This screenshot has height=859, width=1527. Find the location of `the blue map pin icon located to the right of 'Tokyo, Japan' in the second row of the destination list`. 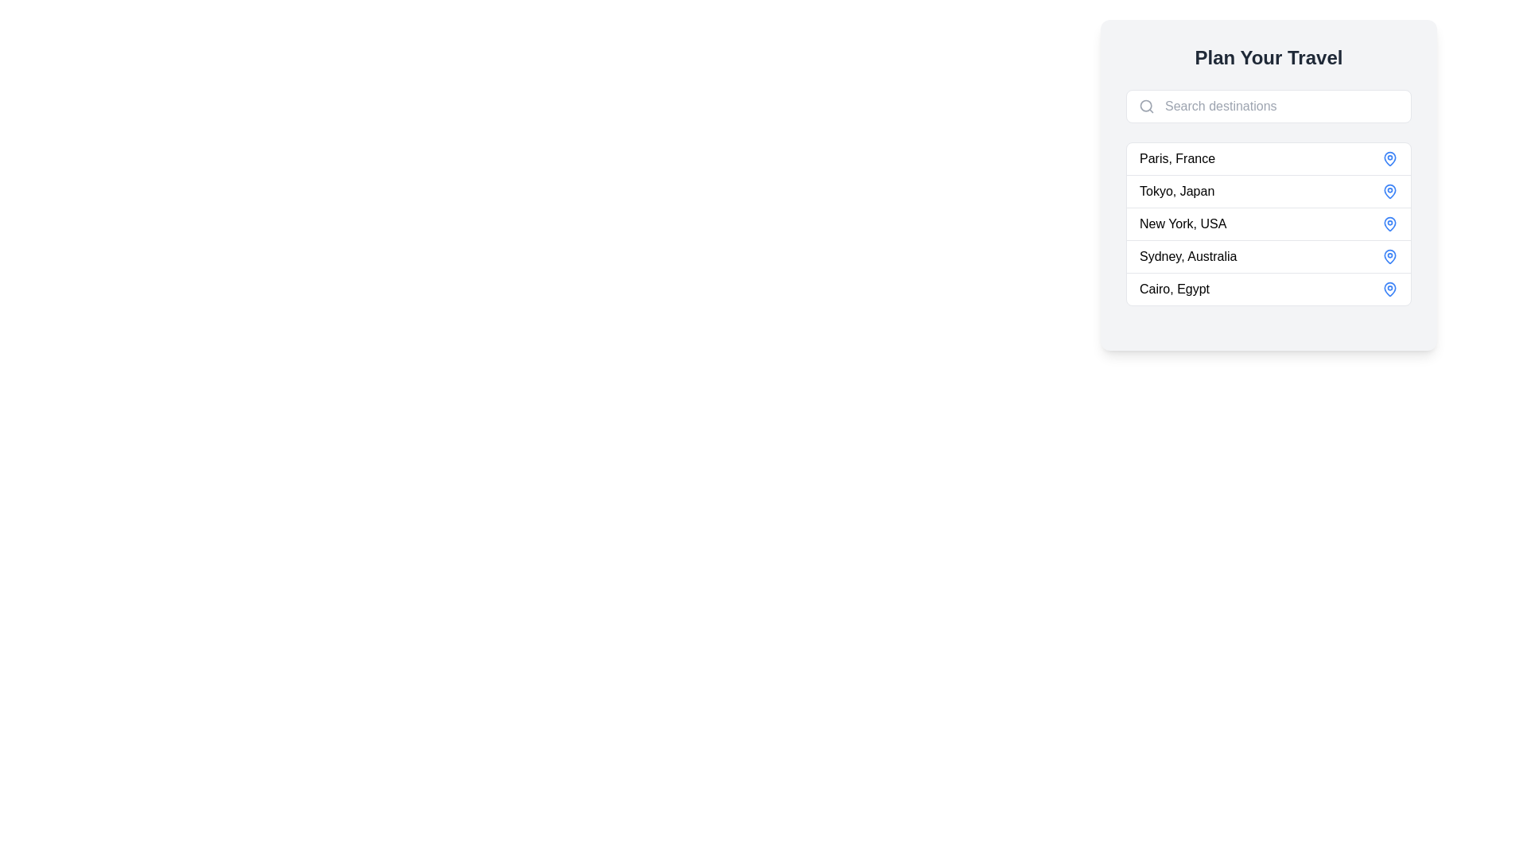

the blue map pin icon located to the right of 'Tokyo, Japan' in the second row of the destination list is located at coordinates (1389, 189).